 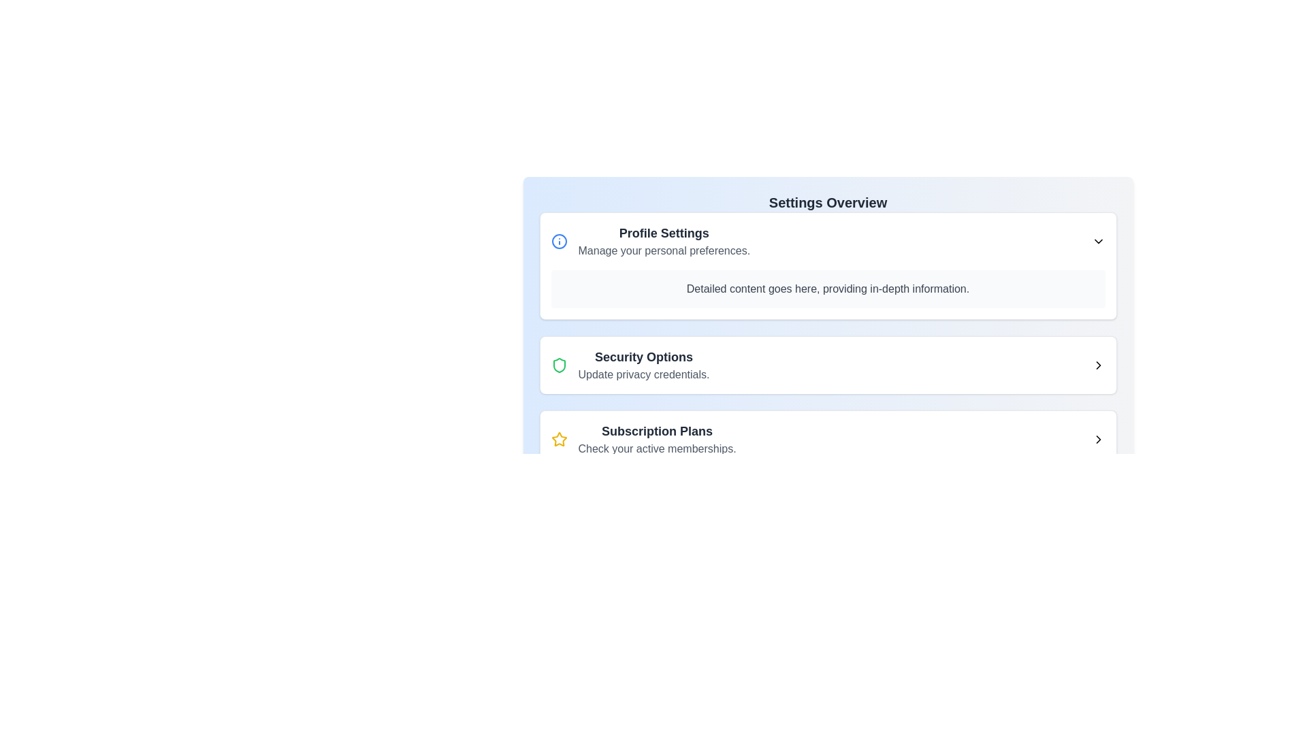 What do you see at coordinates (643, 439) in the screenshot?
I see `the 'Subscription Plans' text with star icon, which directs the user to manage or view subscription plan details` at bounding box center [643, 439].